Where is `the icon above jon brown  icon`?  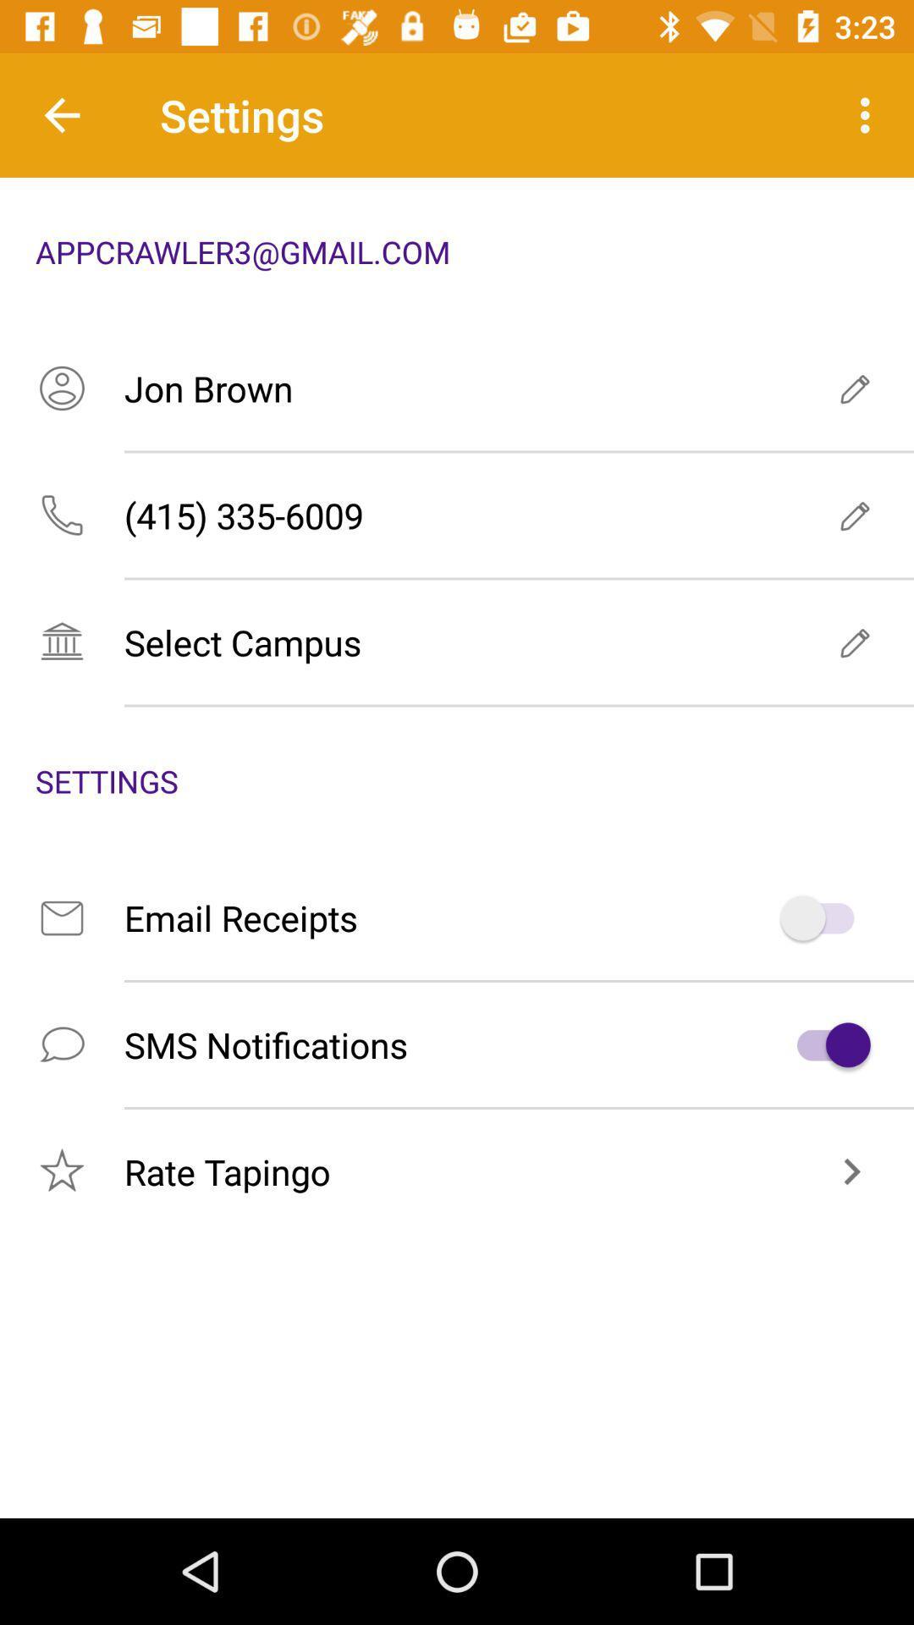
the icon above jon brown  icon is located at coordinates (869, 114).